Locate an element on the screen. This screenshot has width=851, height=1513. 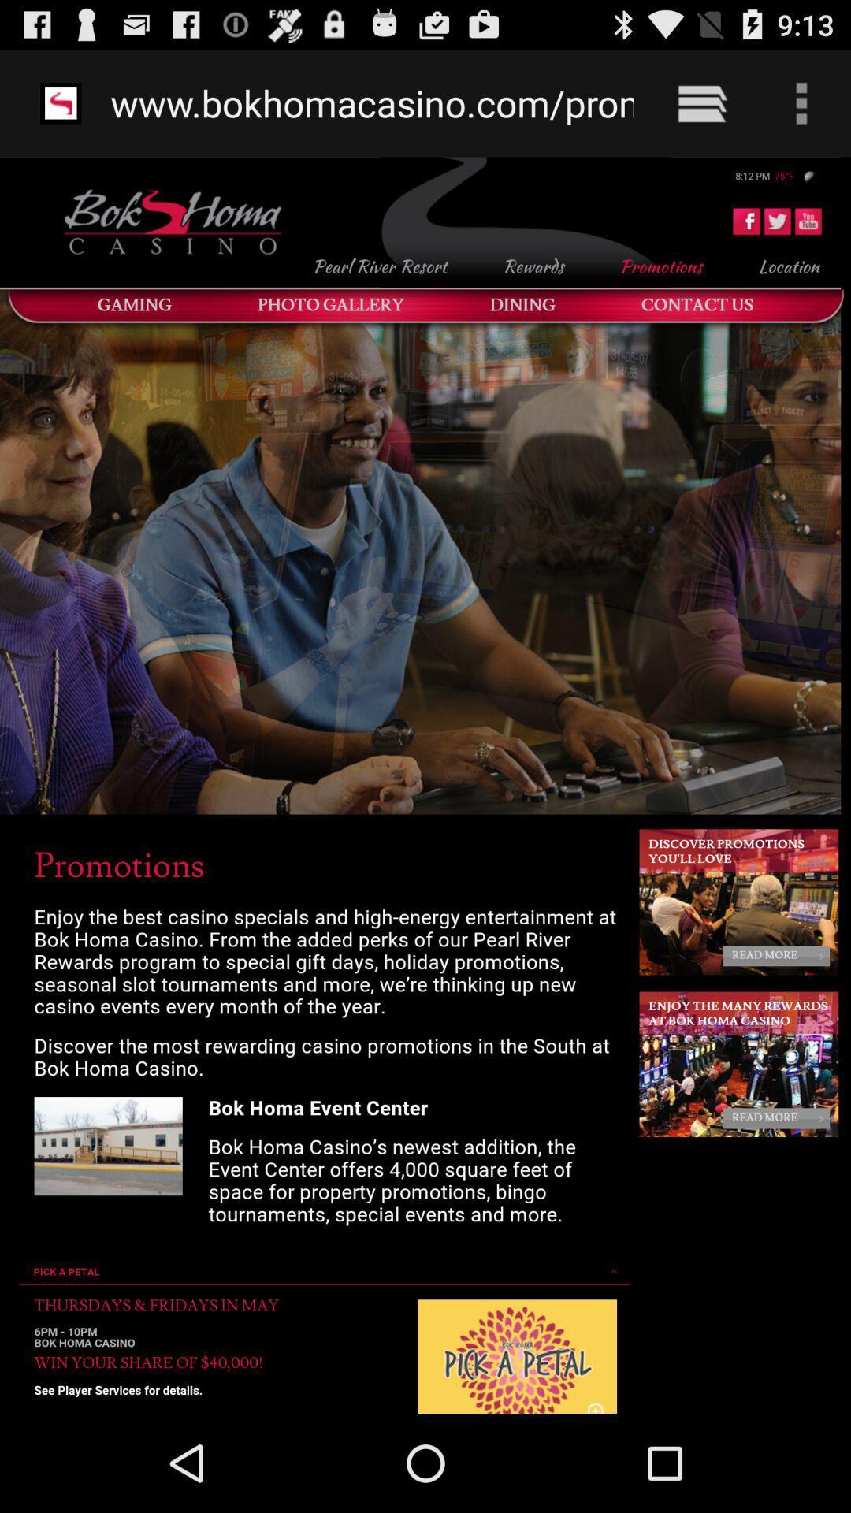
the more icon is located at coordinates (779, 98).